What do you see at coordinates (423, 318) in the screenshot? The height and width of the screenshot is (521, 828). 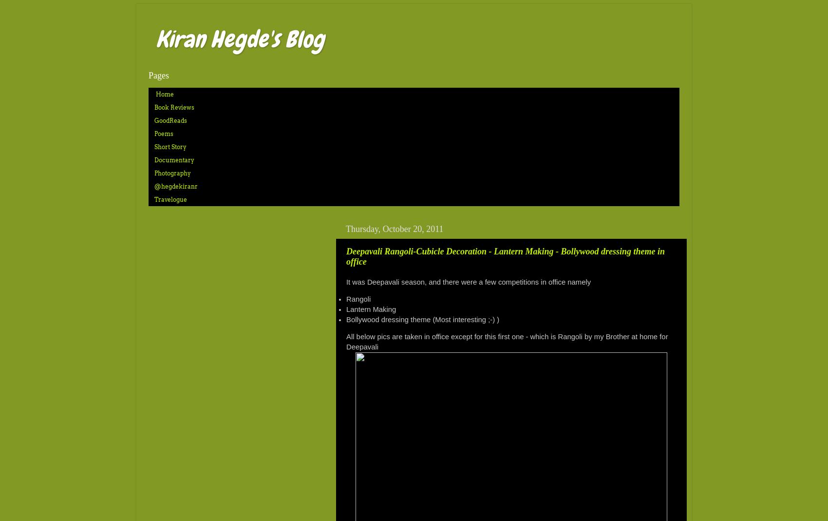 I see `'Bollywood dressing theme (Most interesting ;-) )'` at bounding box center [423, 318].